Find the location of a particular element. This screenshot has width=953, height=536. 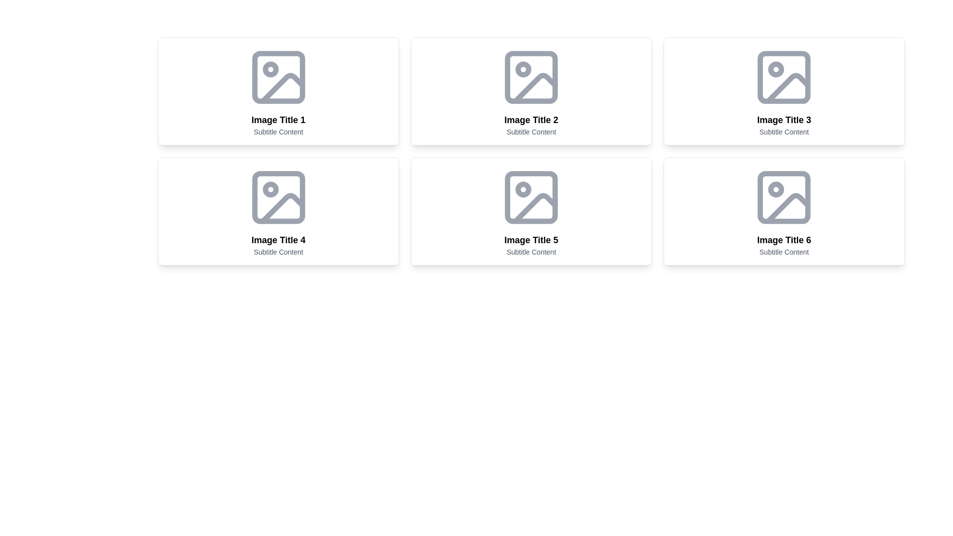

the small circular graphic located inside the fifth image card of the gallery section, which is marked by a dot in the center of the icon is located at coordinates (523, 189).